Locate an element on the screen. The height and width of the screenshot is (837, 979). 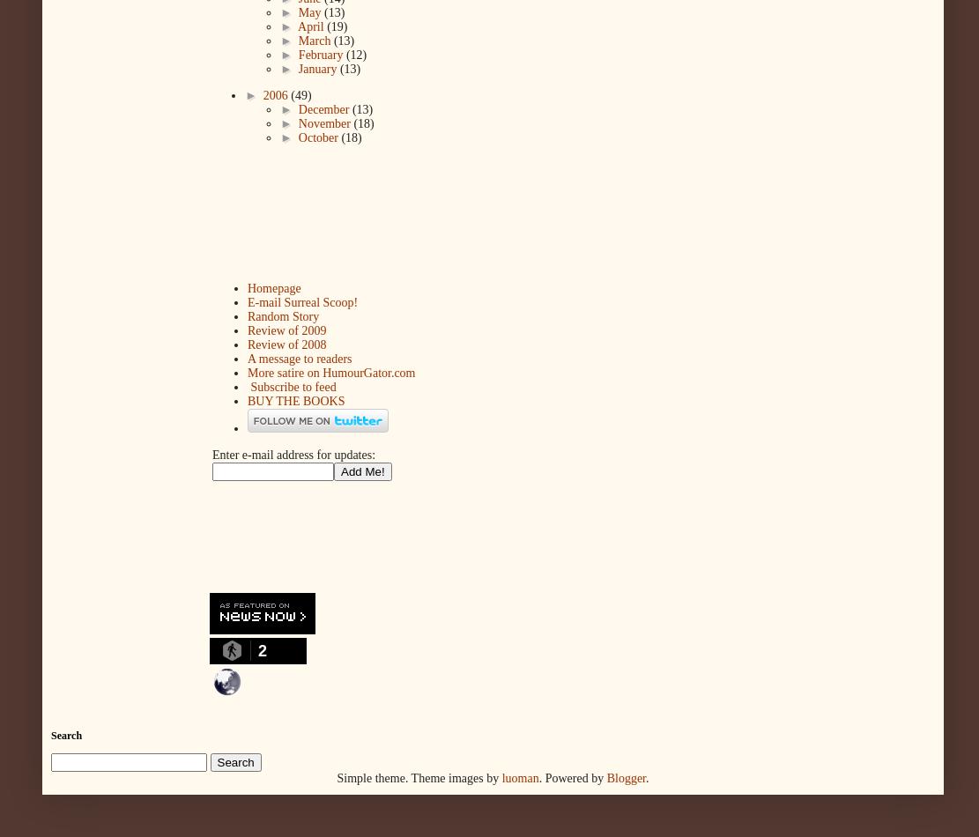
'(12)' is located at coordinates (355, 55).